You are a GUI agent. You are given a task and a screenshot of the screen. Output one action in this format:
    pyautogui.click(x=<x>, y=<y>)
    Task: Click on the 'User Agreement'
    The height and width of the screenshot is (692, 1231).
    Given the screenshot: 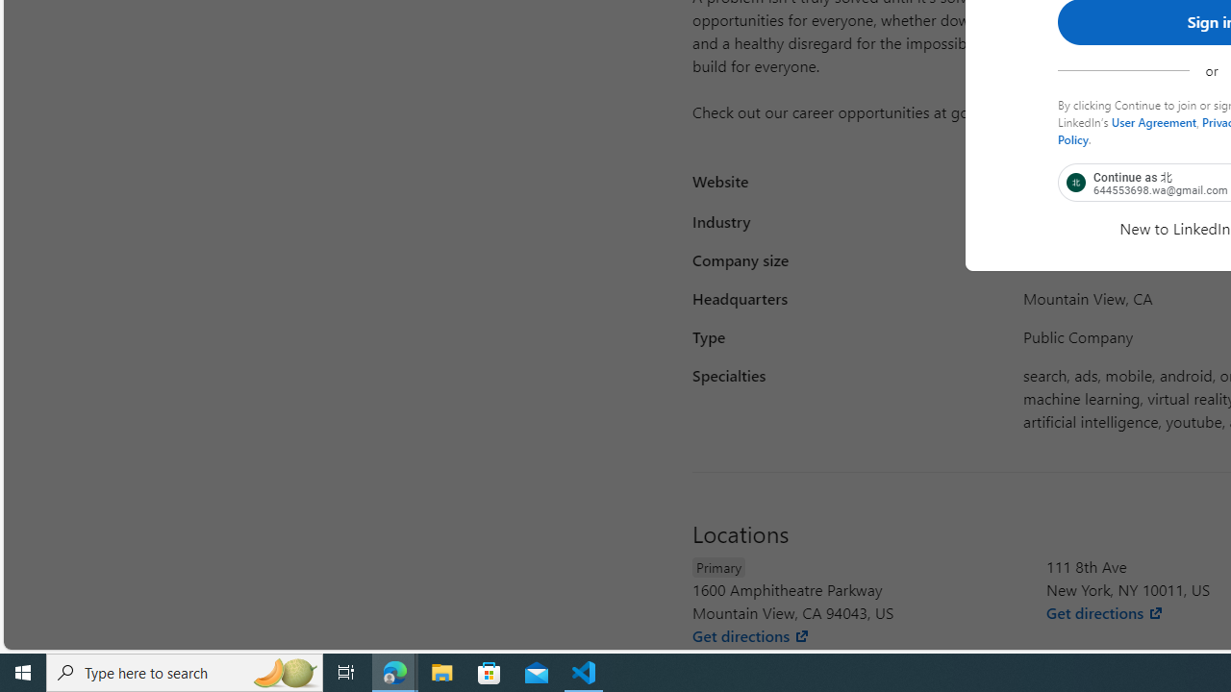 What is the action you would take?
    pyautogui.click(x=1154, y=121)
    